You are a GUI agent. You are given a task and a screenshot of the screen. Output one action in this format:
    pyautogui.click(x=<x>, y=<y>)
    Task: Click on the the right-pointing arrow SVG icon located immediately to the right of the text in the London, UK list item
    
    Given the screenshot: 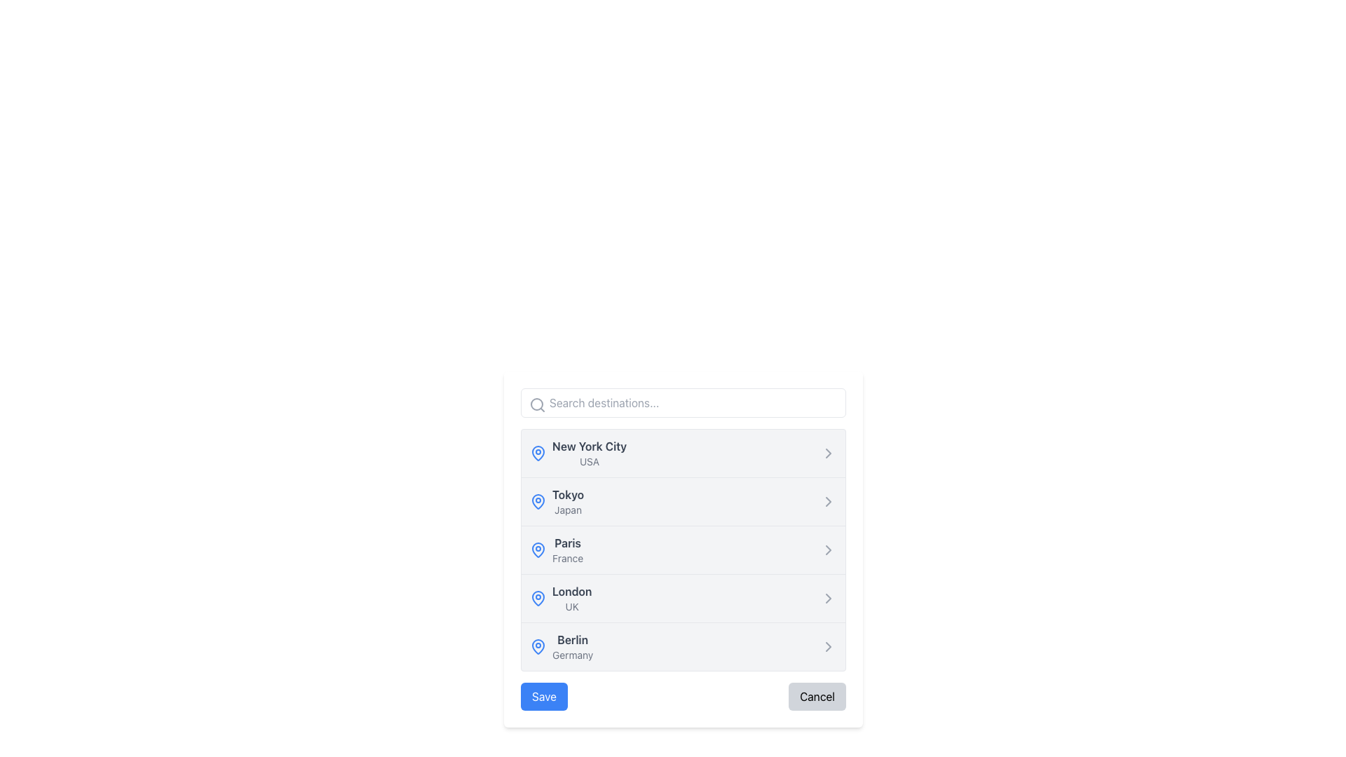 What is the action you would take?
    pyautogui.click(x=828, y=598)
    